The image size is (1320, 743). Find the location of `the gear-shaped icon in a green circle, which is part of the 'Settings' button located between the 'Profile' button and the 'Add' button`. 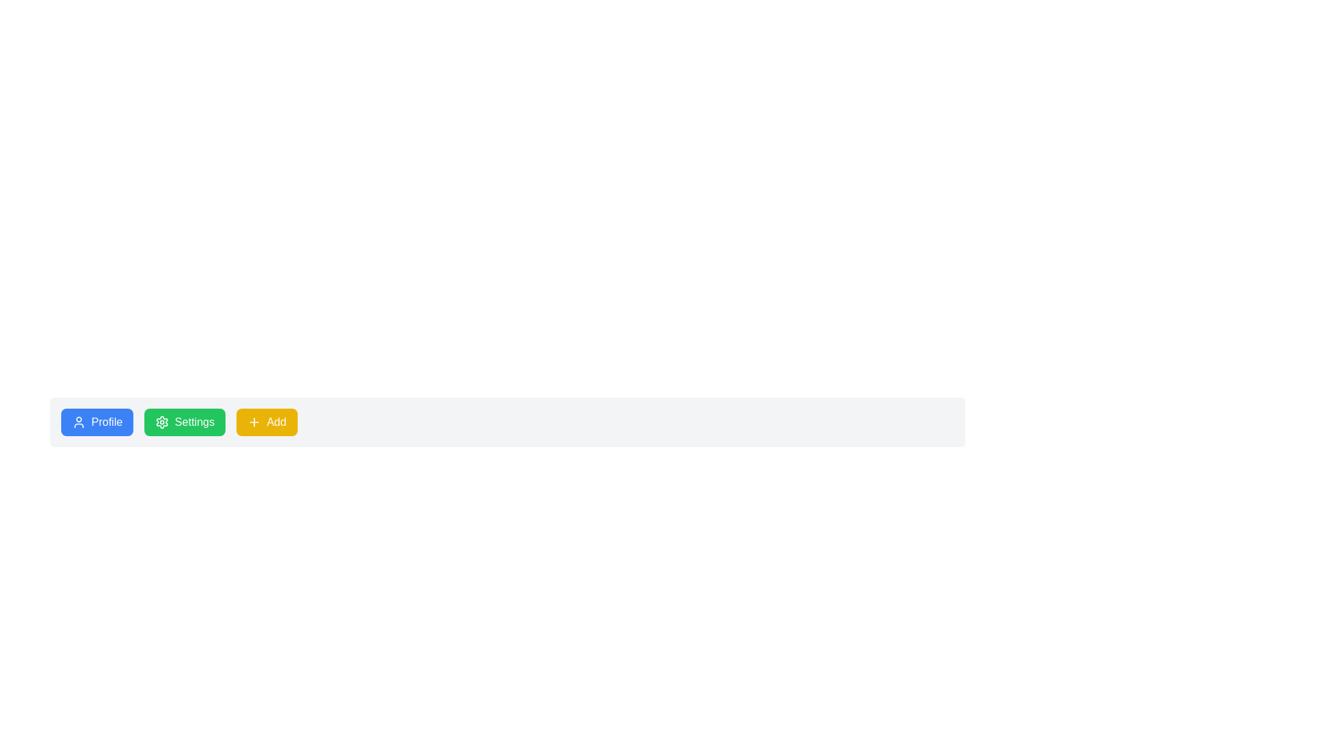

the gear-shaped icon in a green circle, which is part of the 'Settings' button located between the 'Profile' button and the 'Add' button is located at coordinates (162, 421).